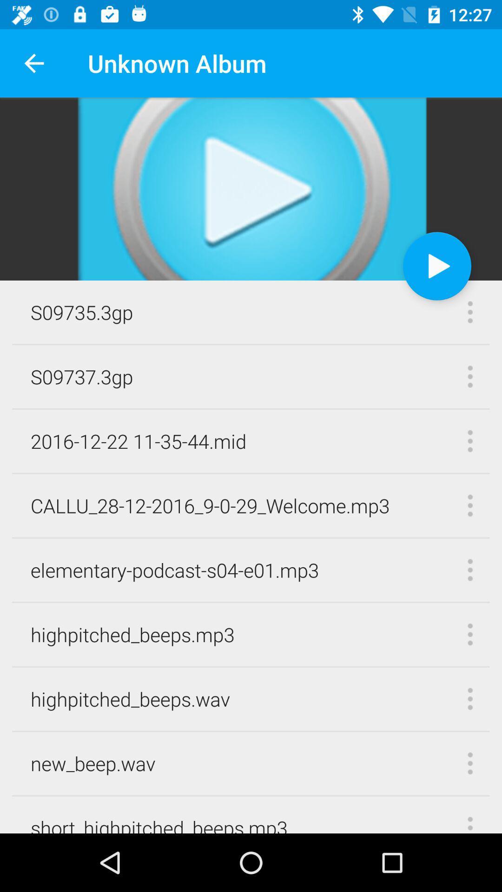  What do you see at coordinates (210, 505) in the screenshot?
I see `the callu_28 12 2016_9 icon` at bounding box center [210, 505].